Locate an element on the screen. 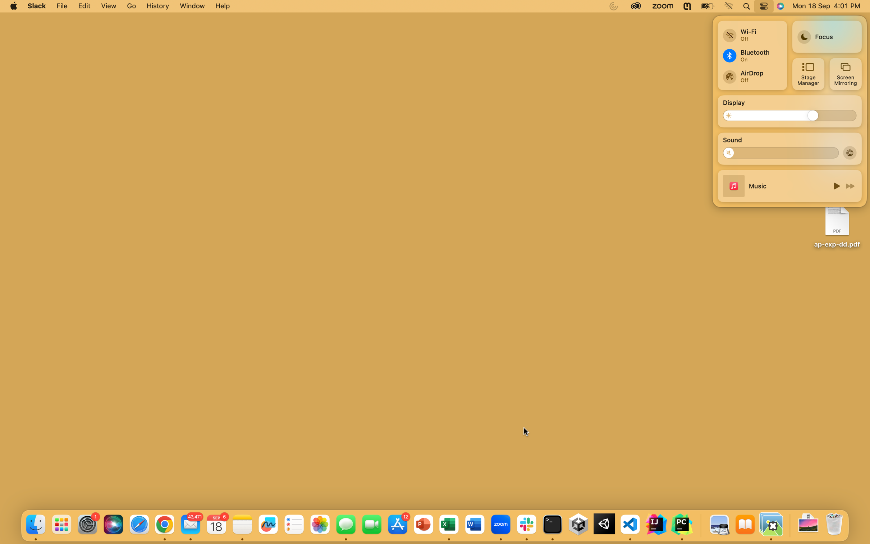 The width and height of the screenshot is (870, 544). Deactivate airdrop is located at coordinates (850, 152).